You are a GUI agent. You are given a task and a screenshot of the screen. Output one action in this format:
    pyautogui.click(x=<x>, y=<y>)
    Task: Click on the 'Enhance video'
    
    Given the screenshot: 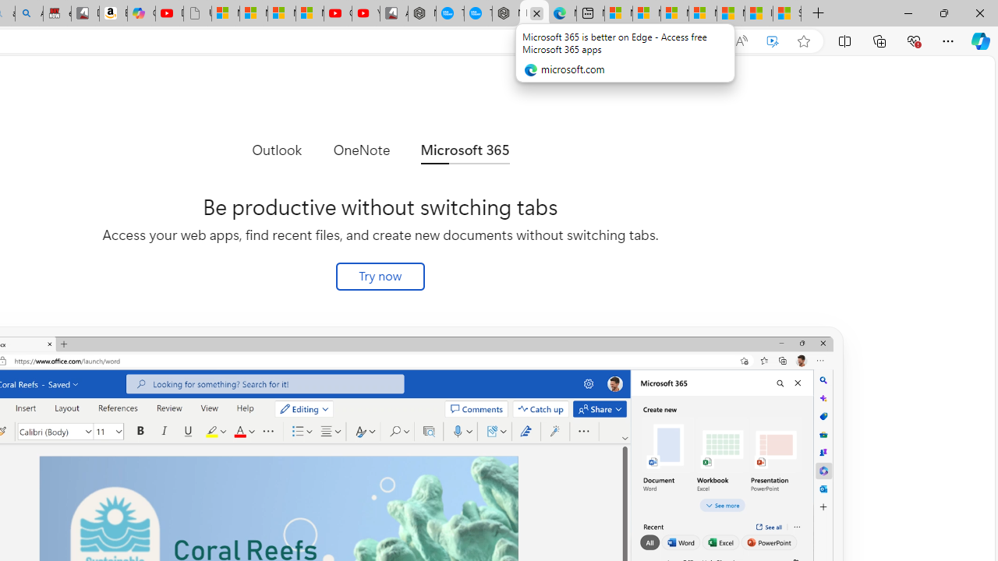 What is the action you would take?
    pyautogui.click(x=773, y=41)
    